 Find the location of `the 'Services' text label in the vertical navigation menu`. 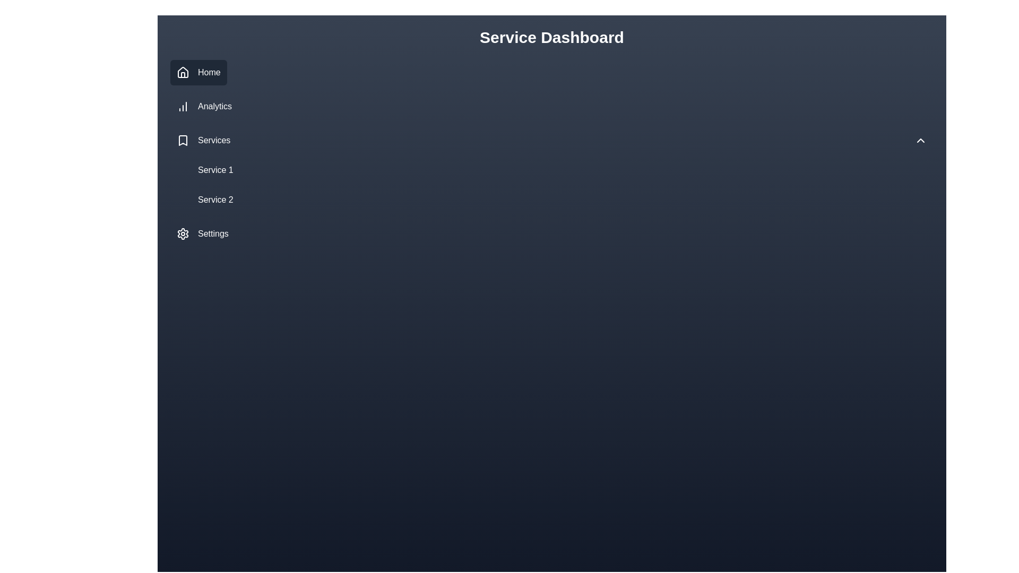

the 'Services' text label in the vertical navigation menu is located at coordinates (203, 140).